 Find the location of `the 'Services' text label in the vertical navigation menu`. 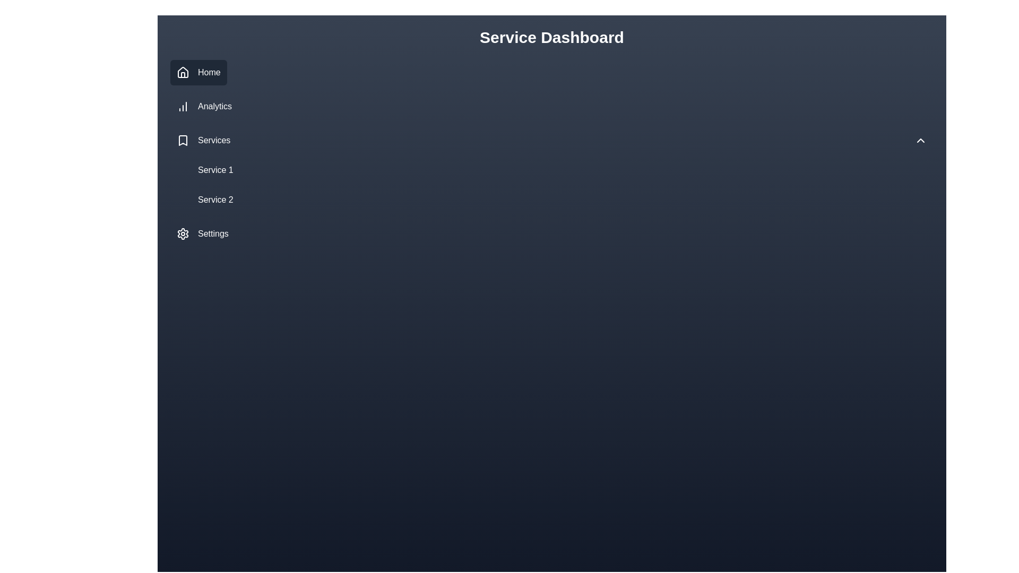

the 'Services' text label in the vertical navigation menu is located at coordinates (203, 140).